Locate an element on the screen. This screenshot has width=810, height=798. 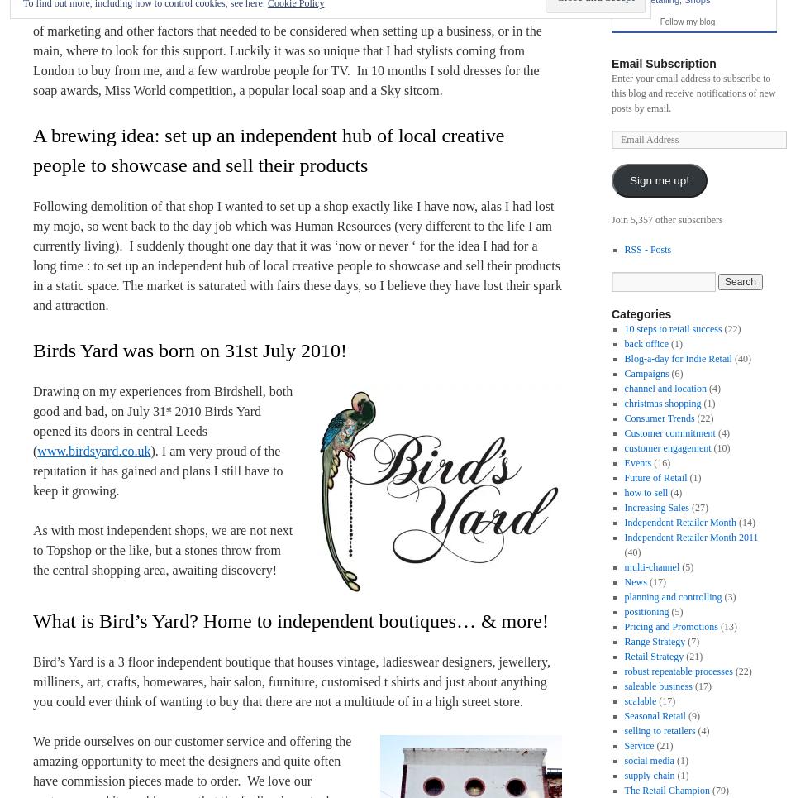
'As with most independent shops, we are not next to Topshop or the like, but a stones throw from the central shopping area, awaiting discovery!' is located at coordinates (162, 549).